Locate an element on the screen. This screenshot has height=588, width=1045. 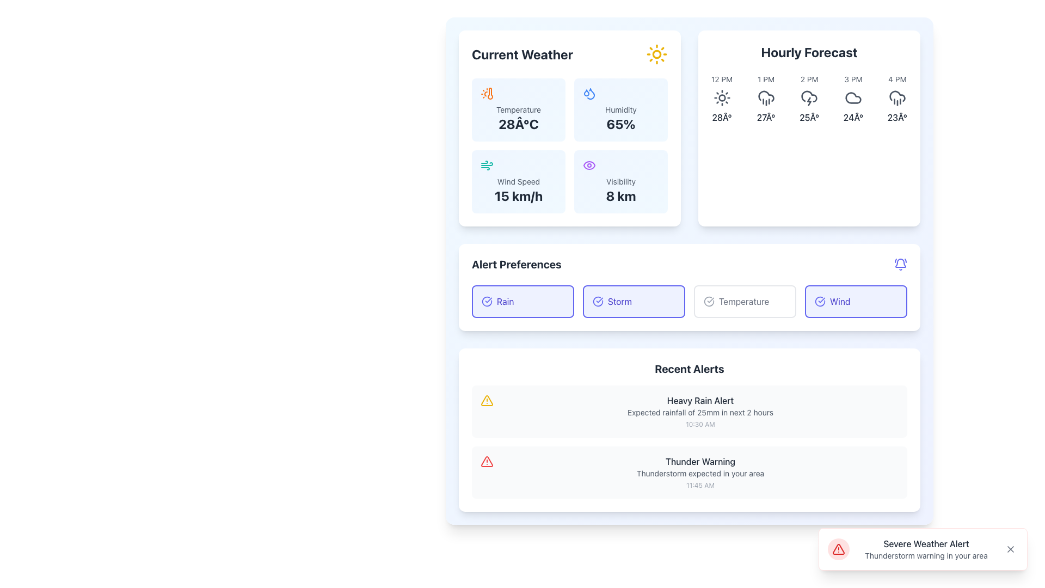
the 'Temperature' alert preference icon located in the 'Alert Preferences' section is located at coordinates (709, 302).